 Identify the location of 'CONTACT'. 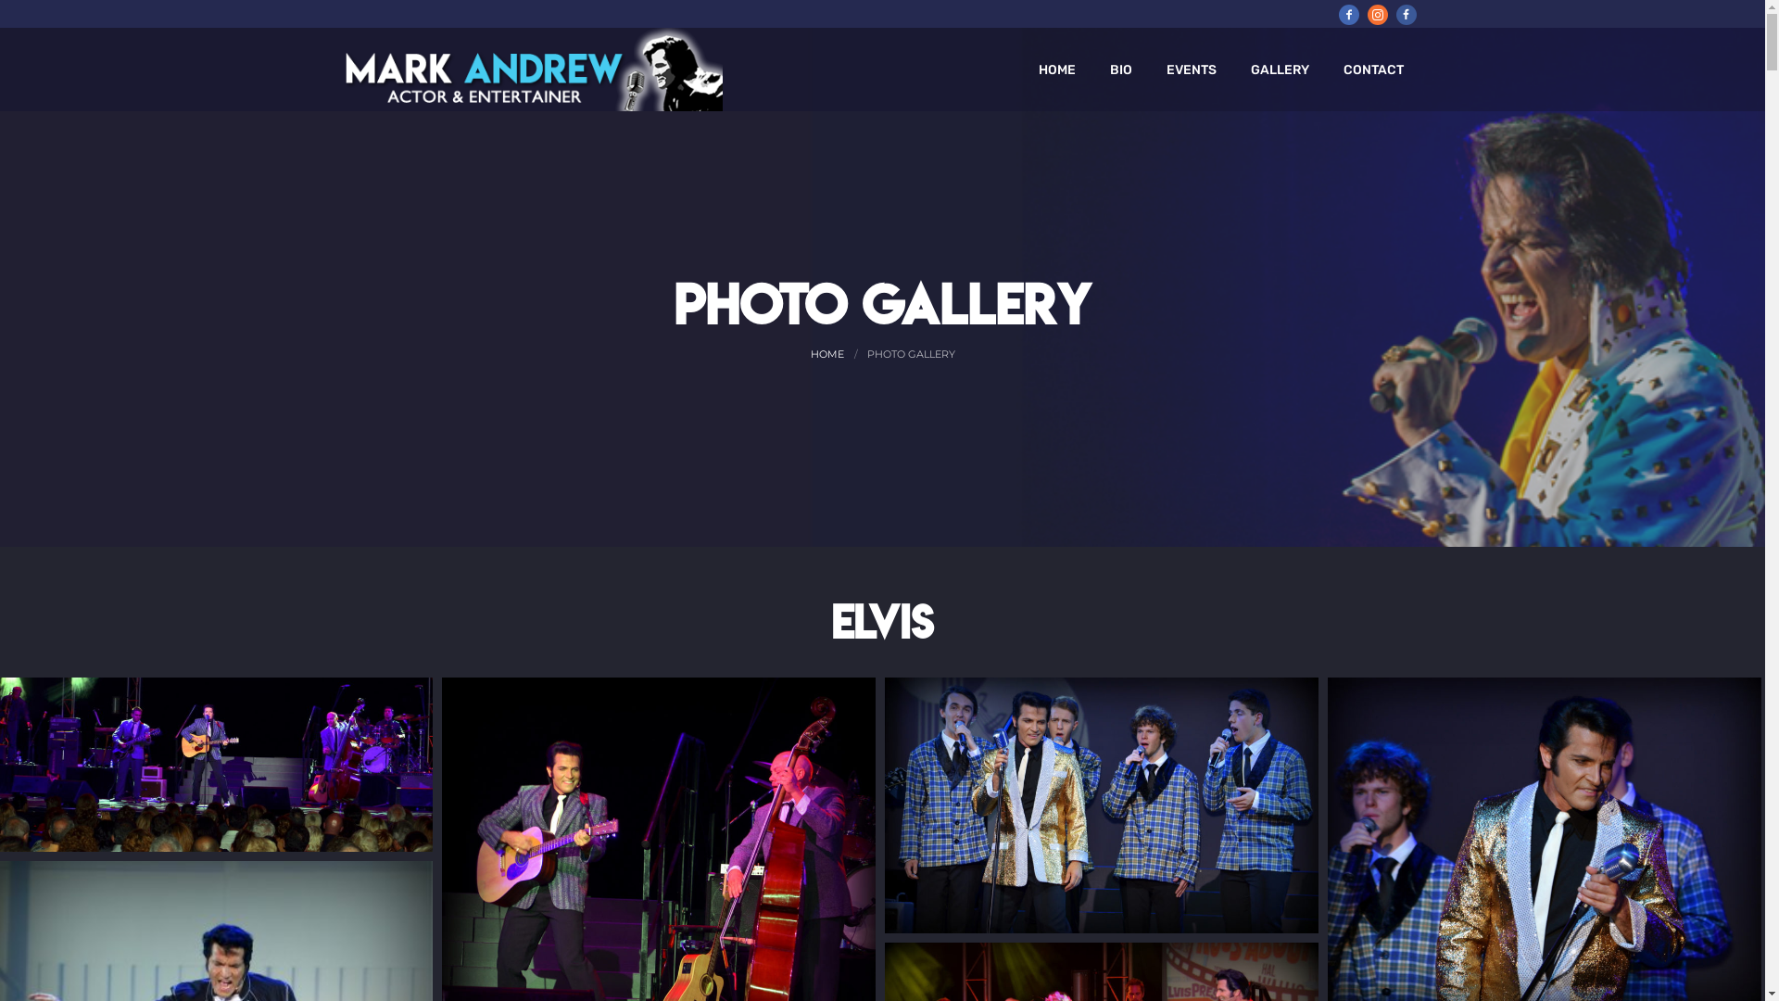
(1373, 68).